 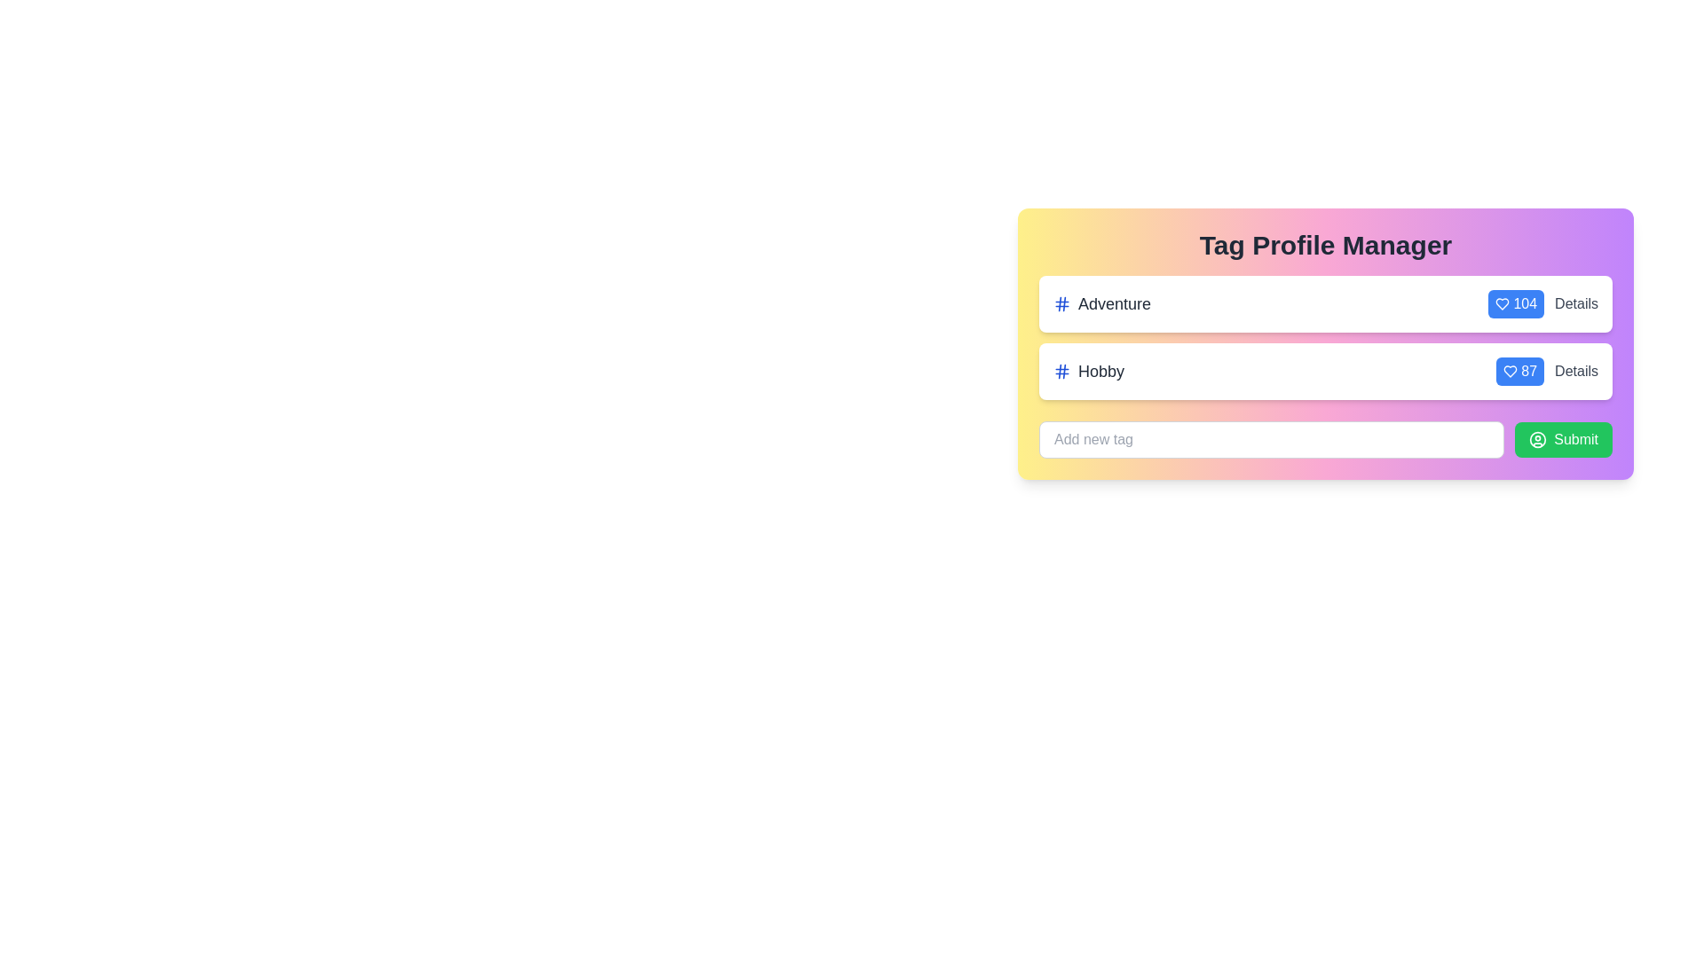 What do you see at coordinates (1061, 303) in the screenshot?
I see `the blue-colored hash (#) icon located to the left of the text 'Adventure' in the first list item of the vertical list` at bounding box center [1061, 303].